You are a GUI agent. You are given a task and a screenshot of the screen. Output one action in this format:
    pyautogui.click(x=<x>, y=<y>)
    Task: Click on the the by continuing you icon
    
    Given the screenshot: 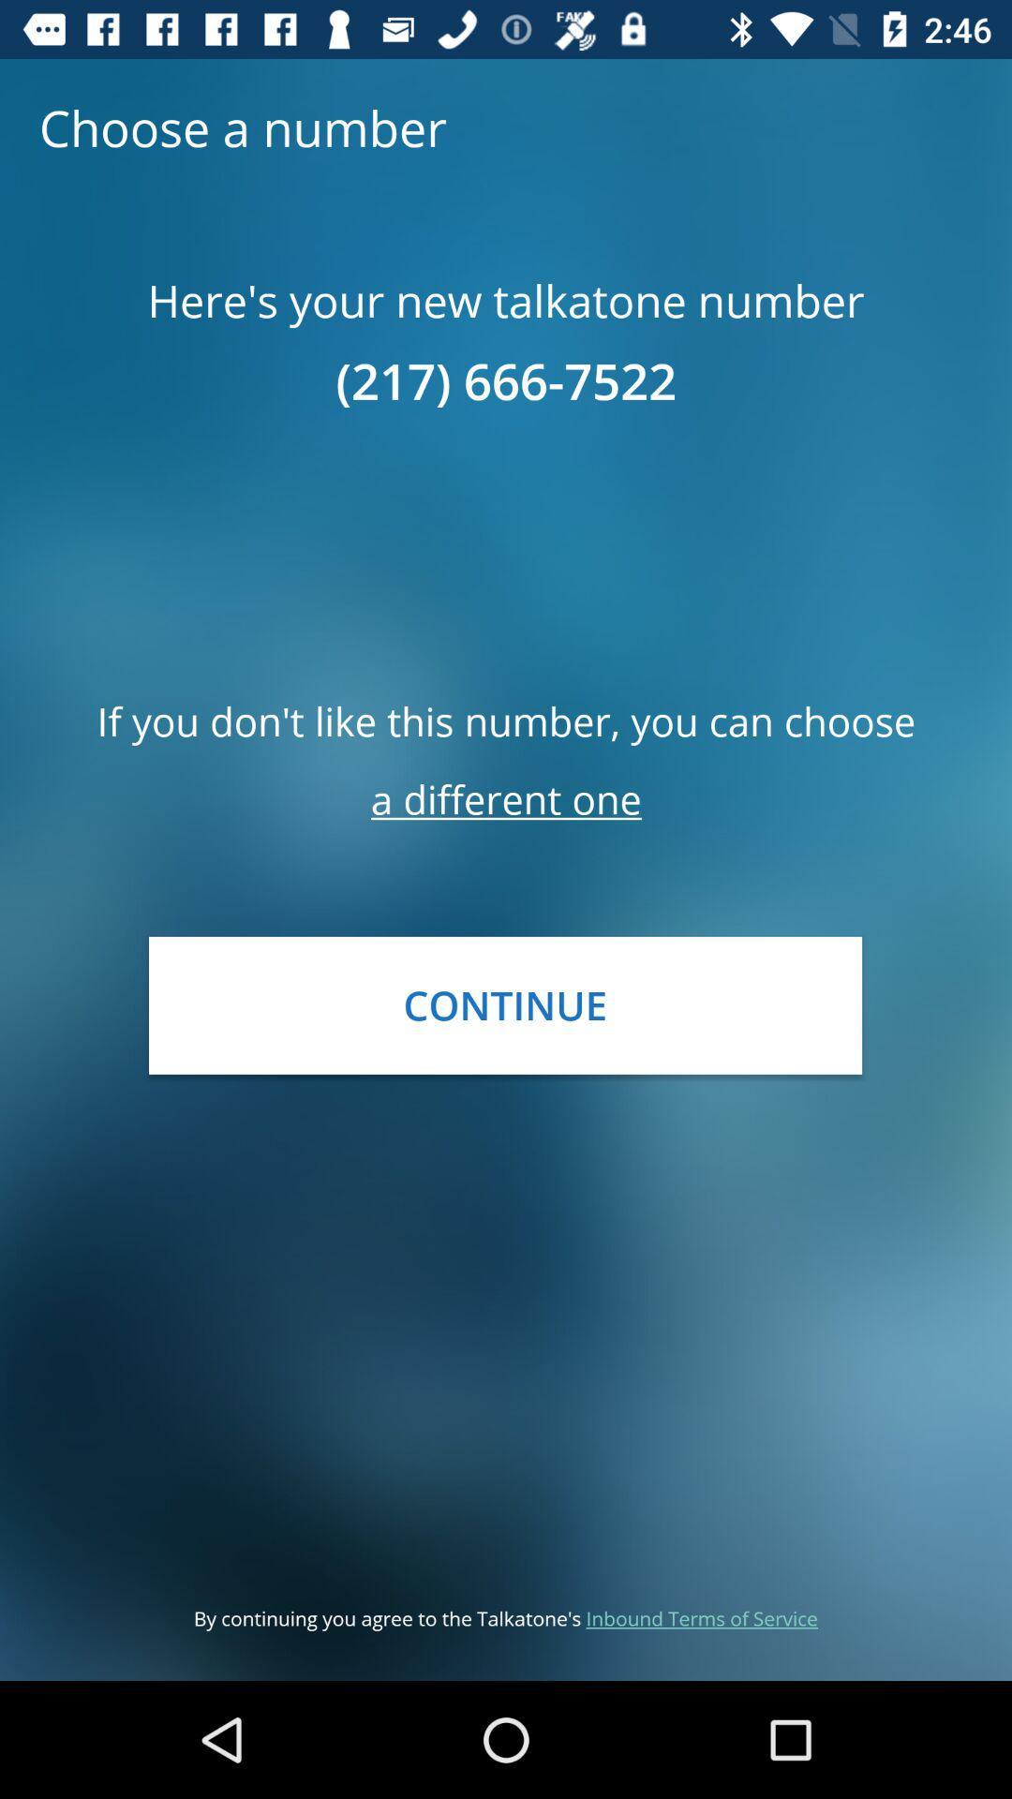 What is the action you would take?
    pyautogui.click(x=506, y=1617)
    